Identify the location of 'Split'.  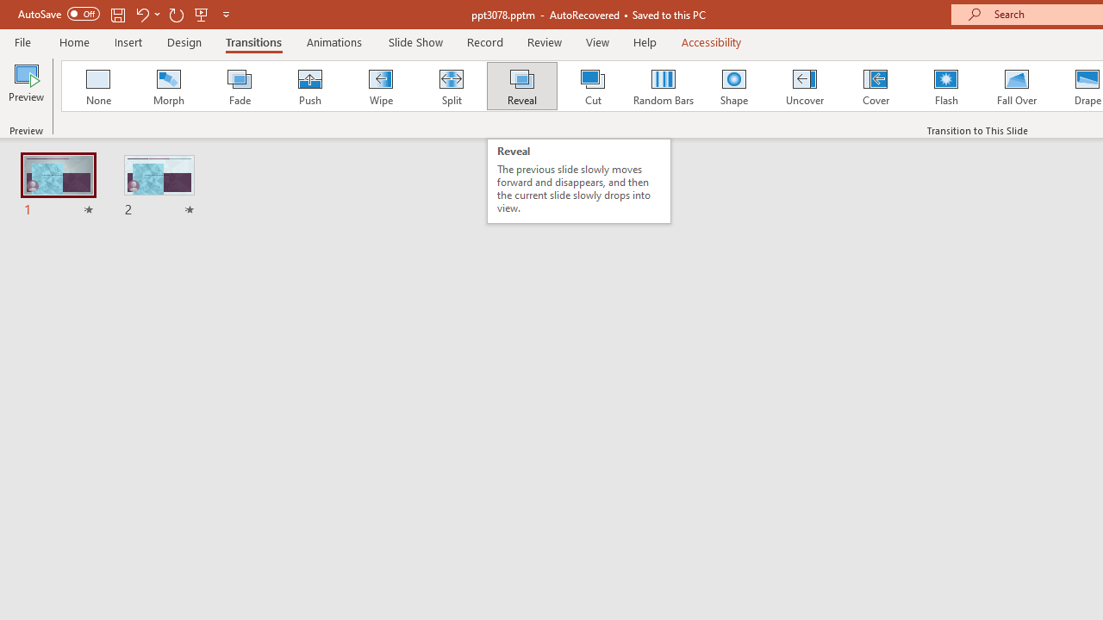
(451, 86).